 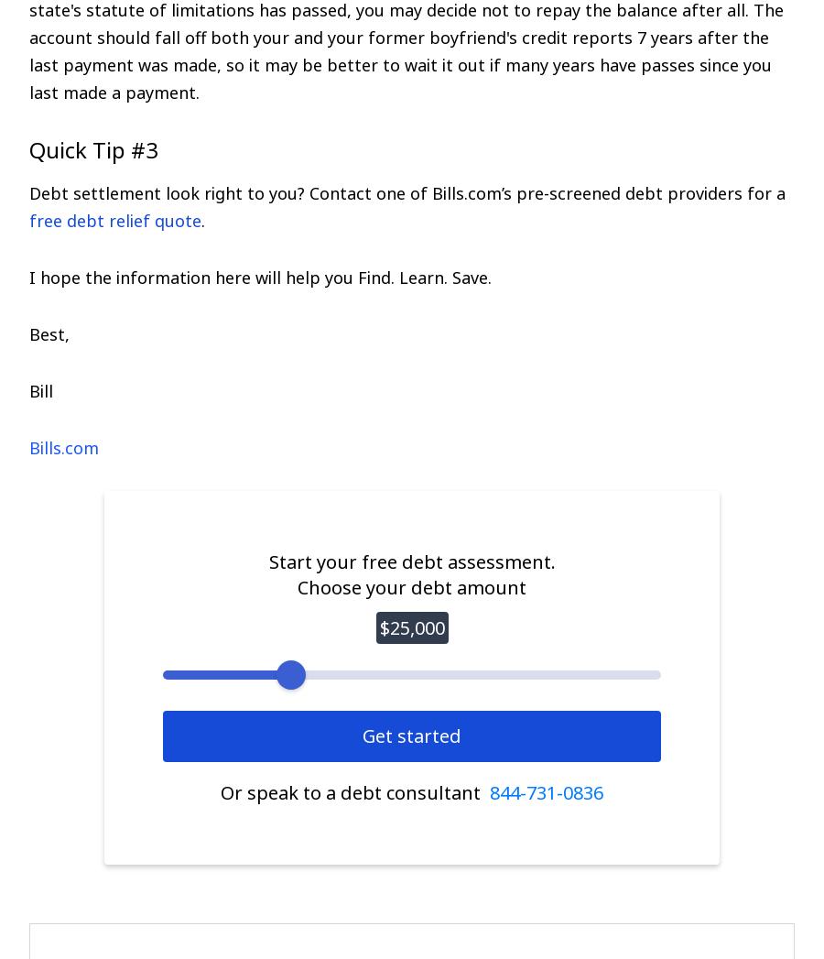 What do you see at coordinates (354, 791) in the screenshot?
I see `'Or speak to a debt consultant'` at bounding box center [354, 791].